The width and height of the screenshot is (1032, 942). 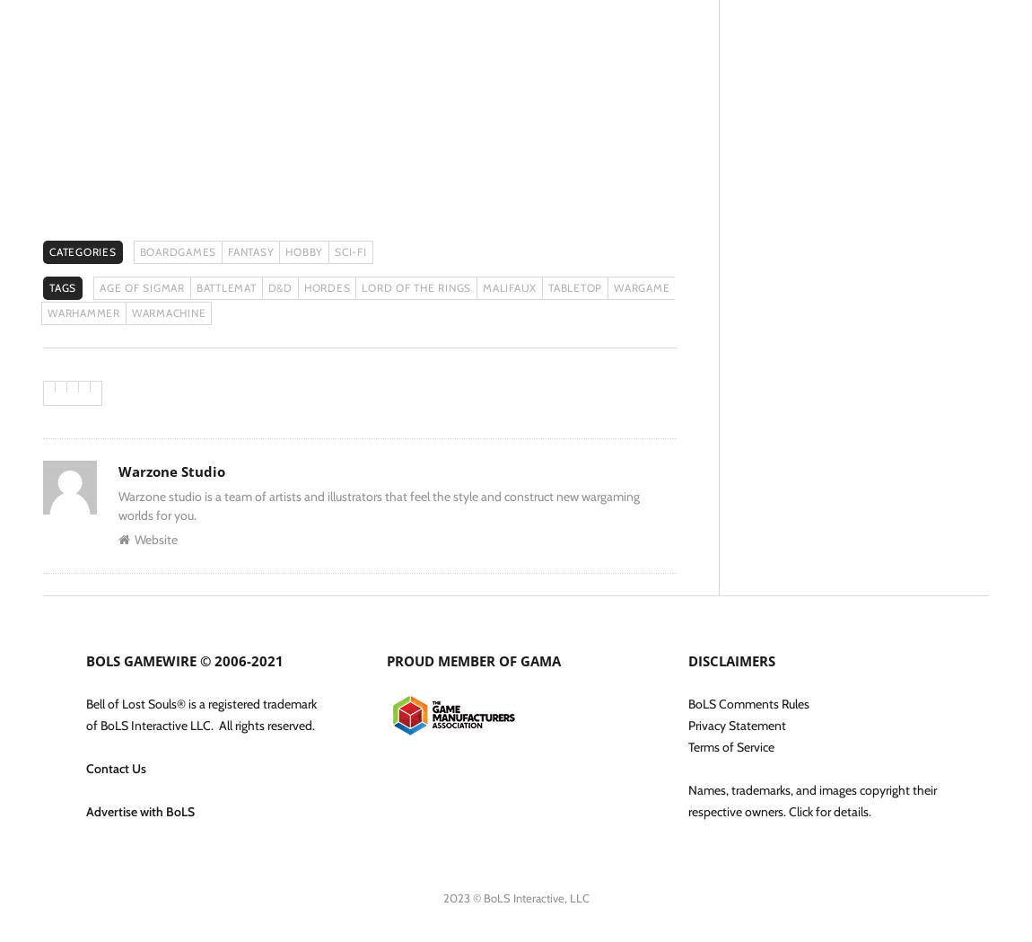 I want to click on 'malifaux', so click(x=509, y=287).